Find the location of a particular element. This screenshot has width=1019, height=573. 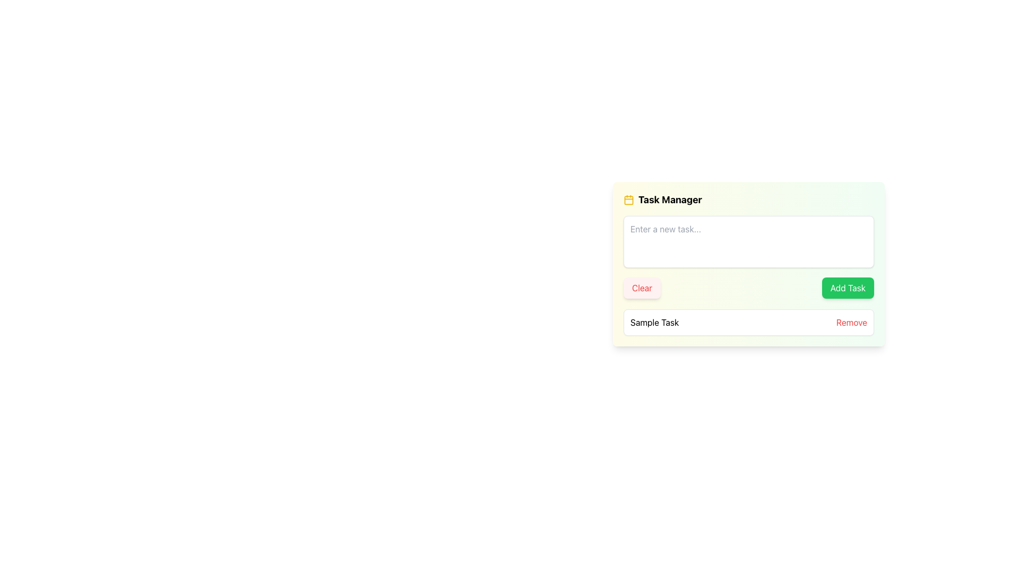

the text label that identifies a task in the task management list, located to the left of the 'Remove' button in the 'Task Manager' interface is located at coordinates (654, 322).